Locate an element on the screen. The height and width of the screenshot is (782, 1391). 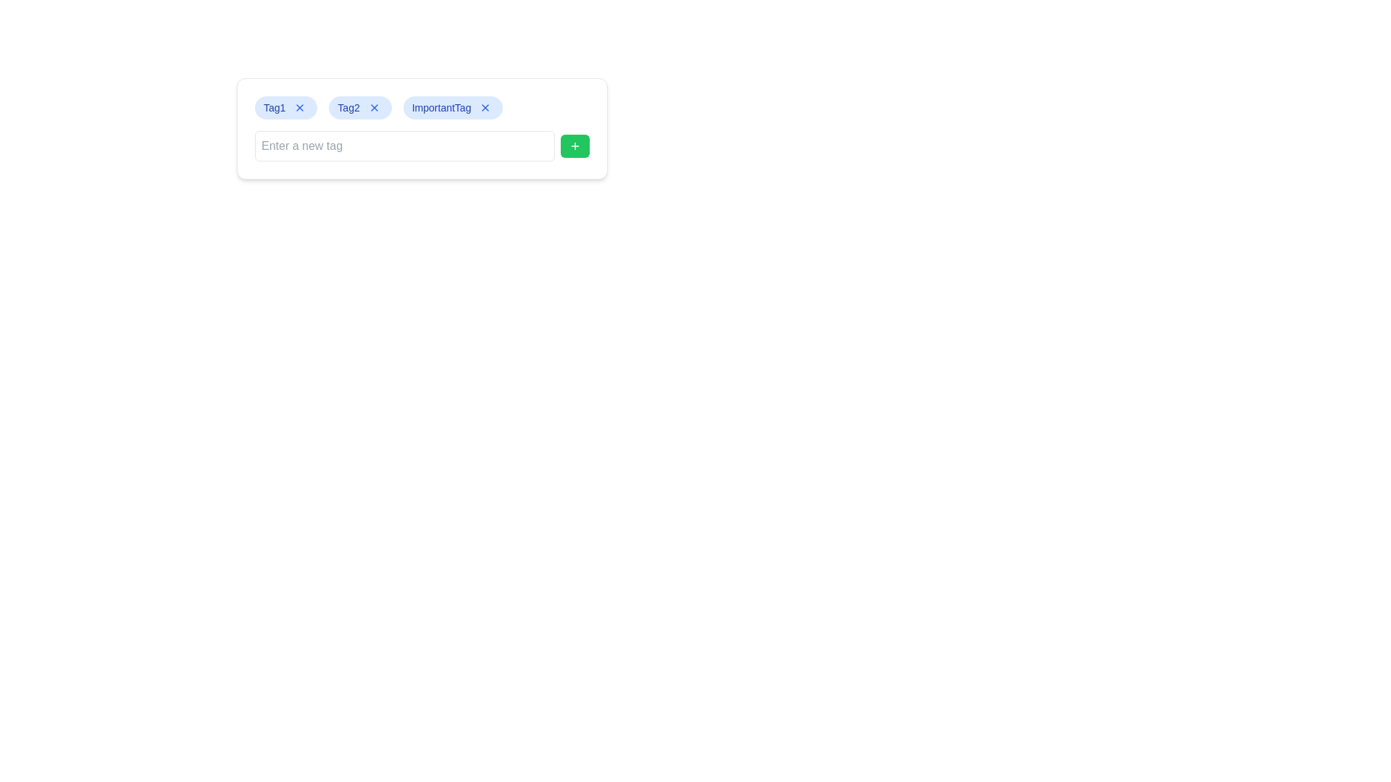
the static text element displaying 'Tag2' in a blue font within a rounded blue-filled box, located between 'Tag1' and 'ImportantTag' is located at coordinates (348, 107).